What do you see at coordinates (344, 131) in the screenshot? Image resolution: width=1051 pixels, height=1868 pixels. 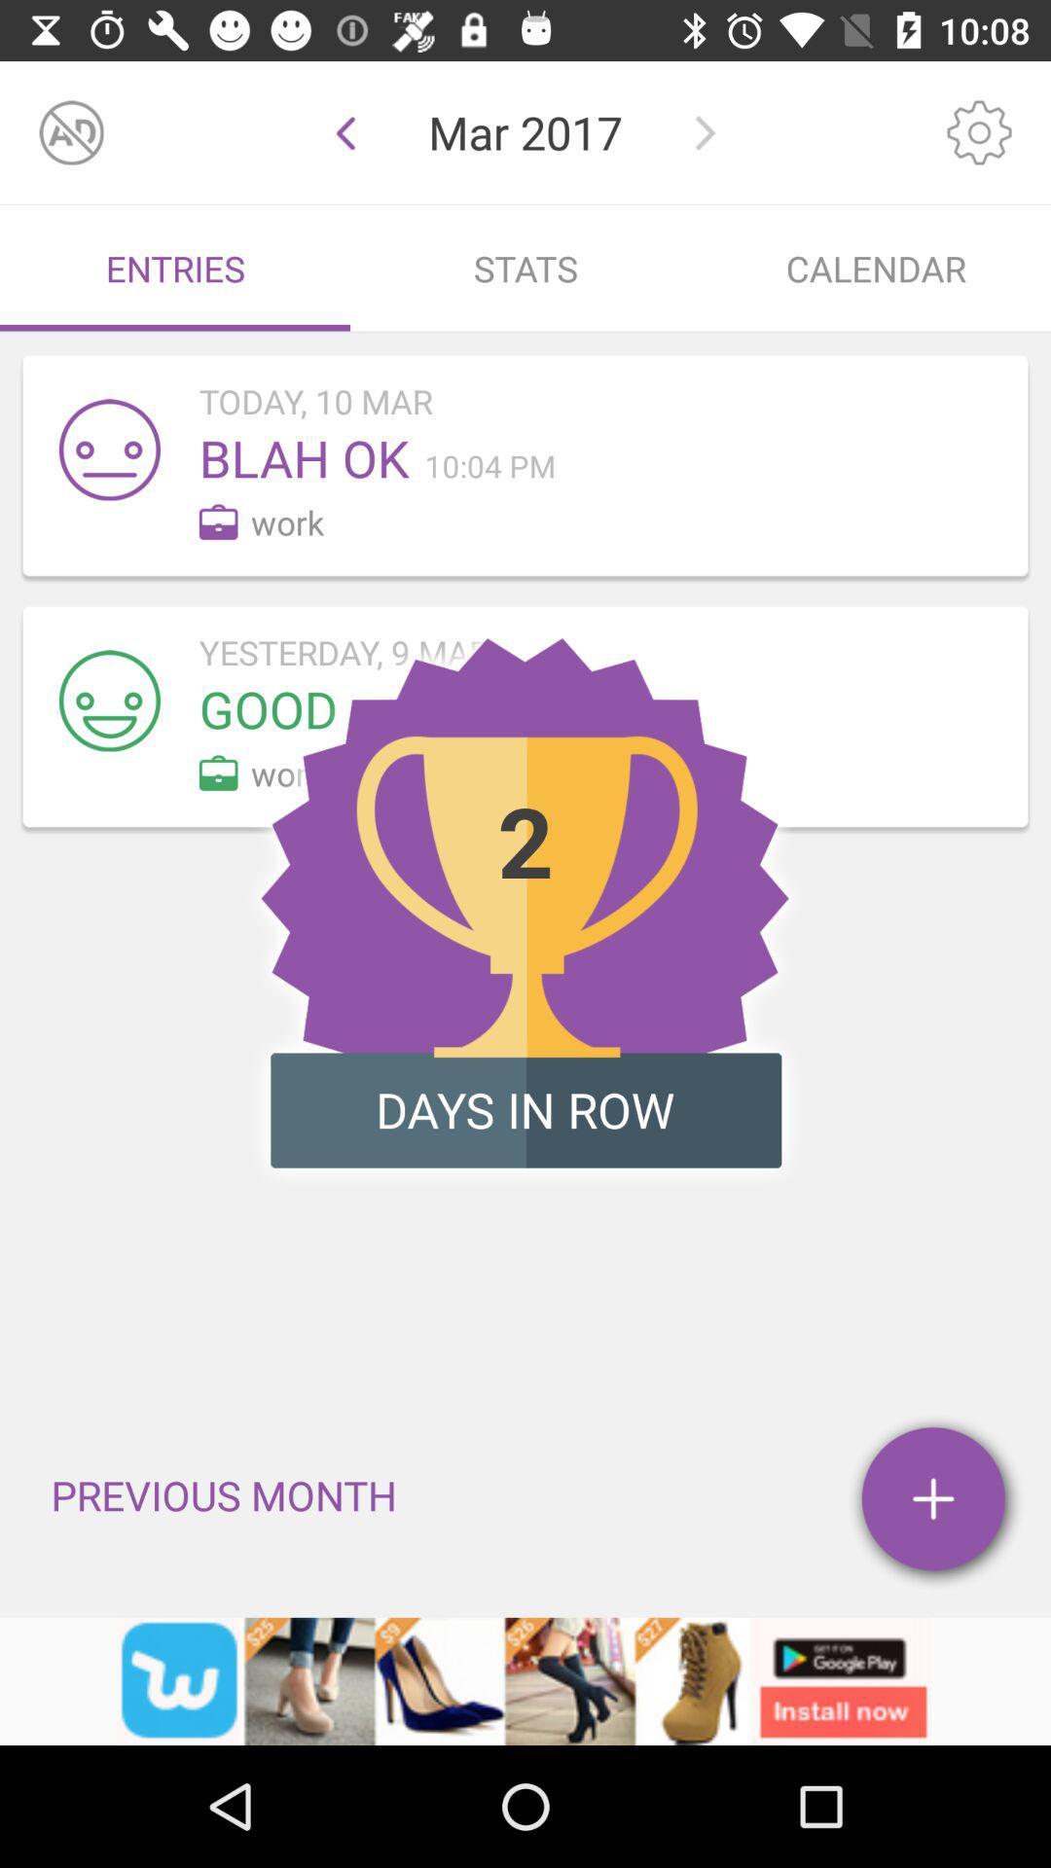 I see `the arrow_backward icon` at bounding box center [344, 131].